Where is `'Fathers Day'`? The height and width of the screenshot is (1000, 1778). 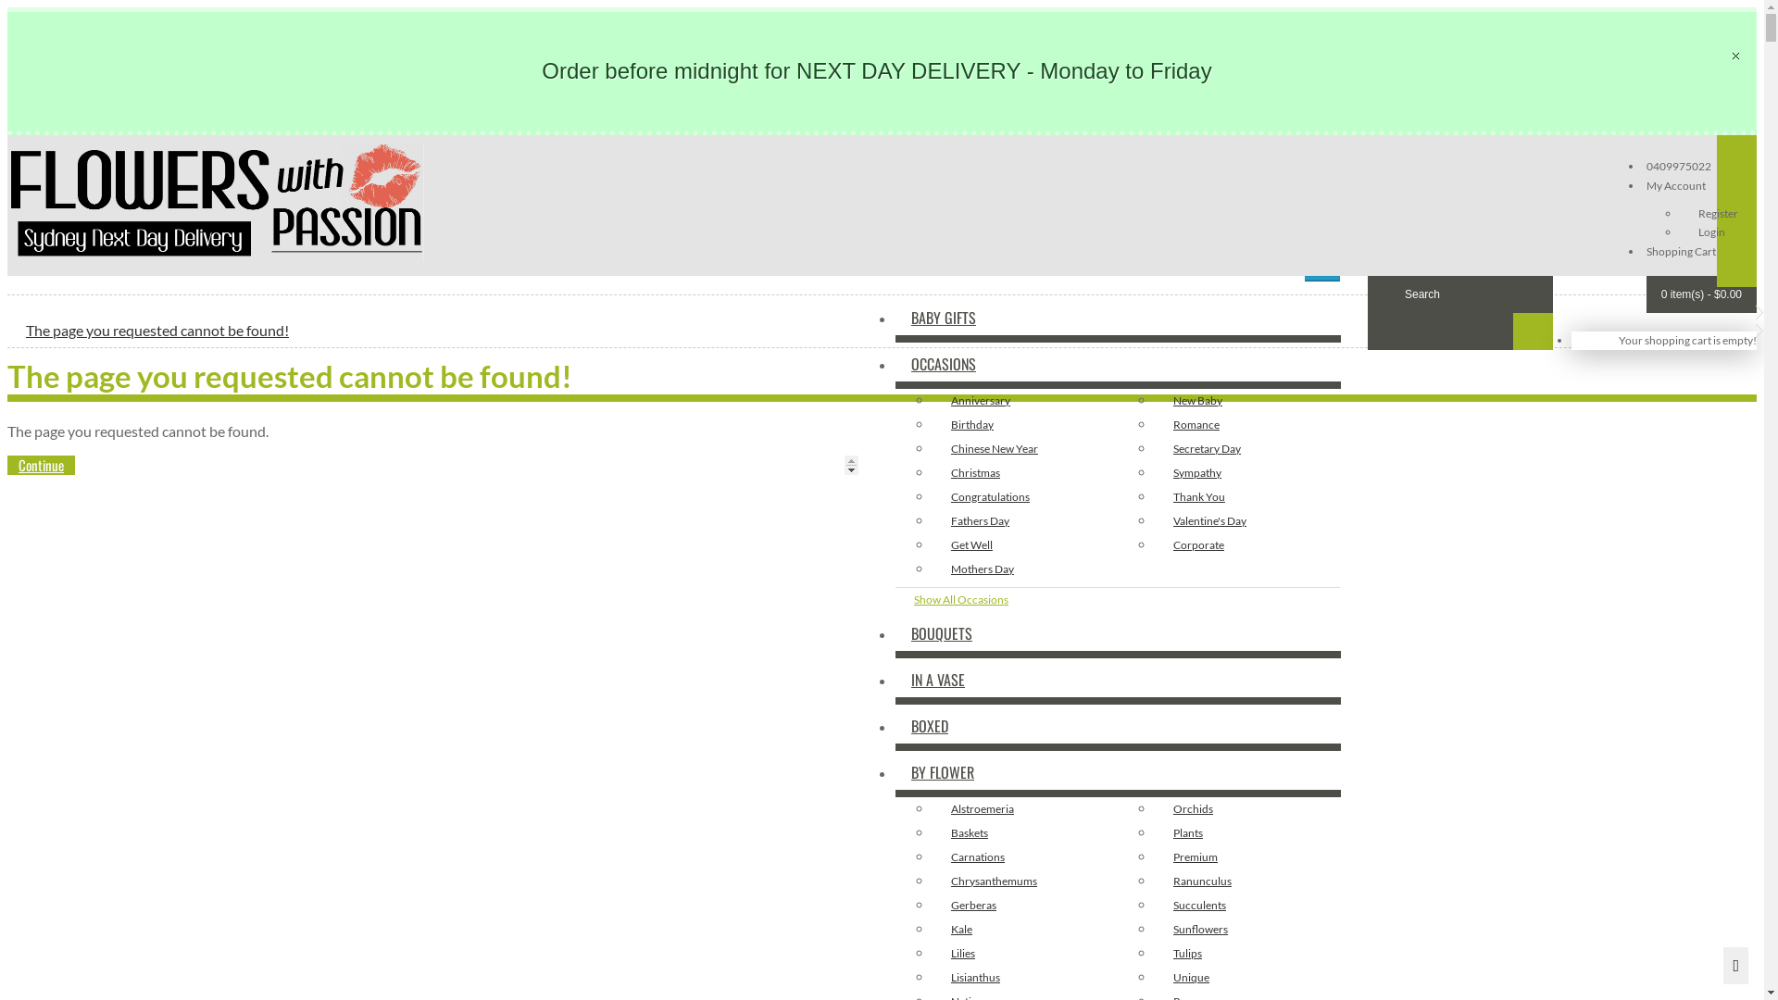
'Fathers Day' is located at coordinates (1024, 521).